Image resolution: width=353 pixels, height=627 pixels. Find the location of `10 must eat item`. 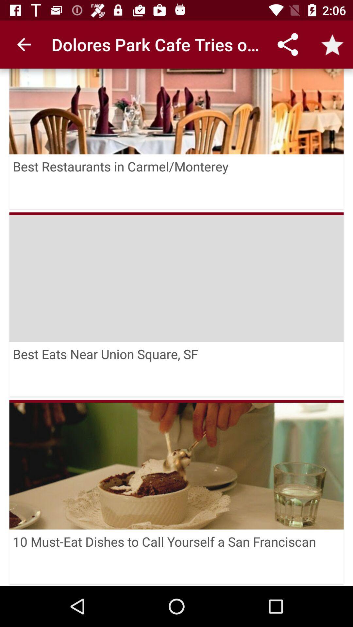

10 must eat item is located at coordinates (176, 556).